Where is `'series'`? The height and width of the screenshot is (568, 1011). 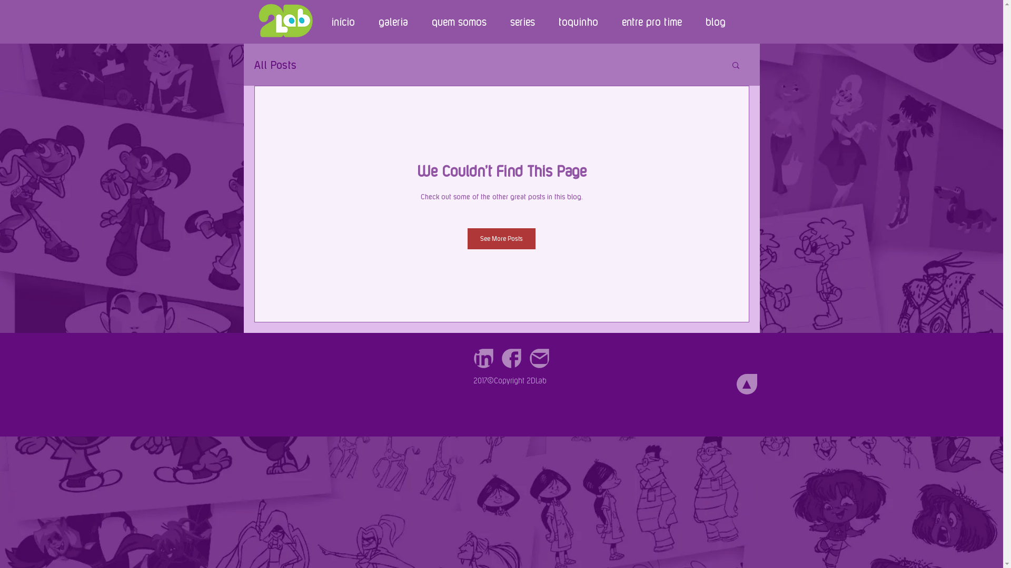
'series' is located at coordinates (522, 22).